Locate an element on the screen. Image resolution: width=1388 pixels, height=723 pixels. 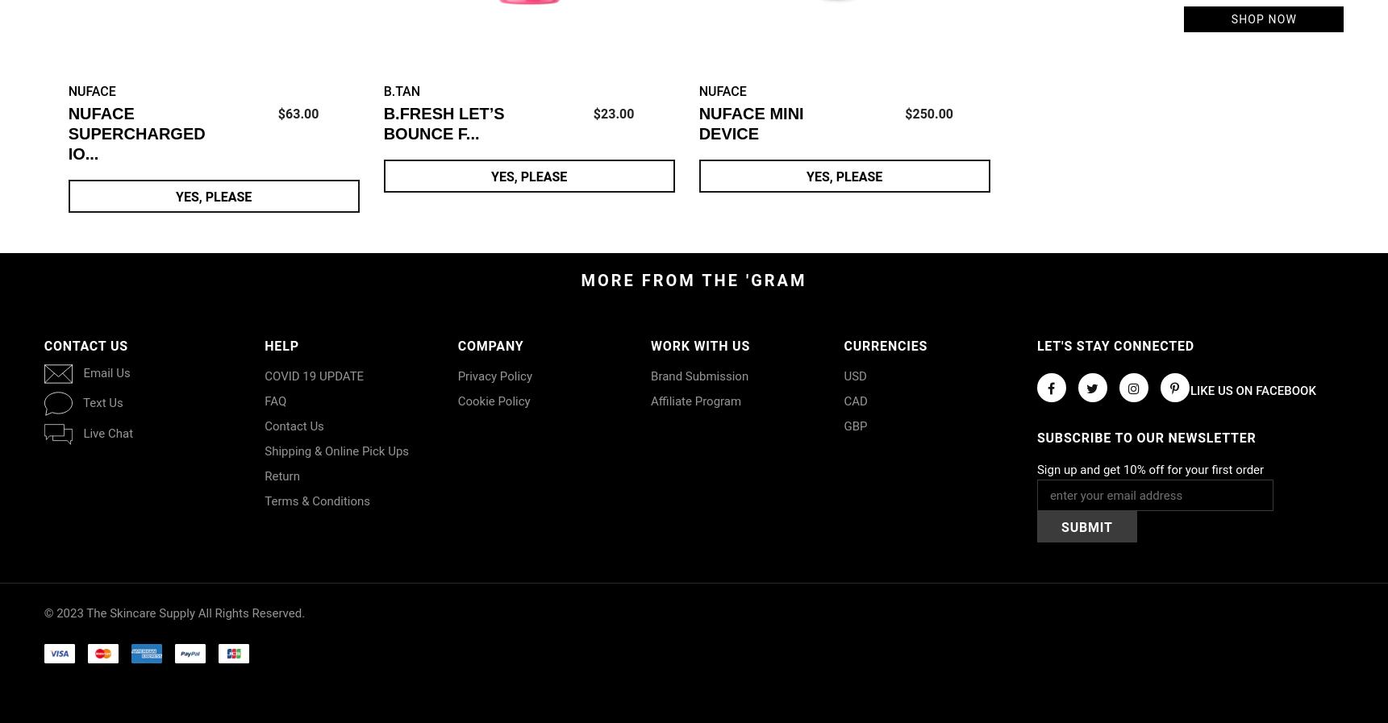
'CONTACT US' is located at coordinates (43, 345).